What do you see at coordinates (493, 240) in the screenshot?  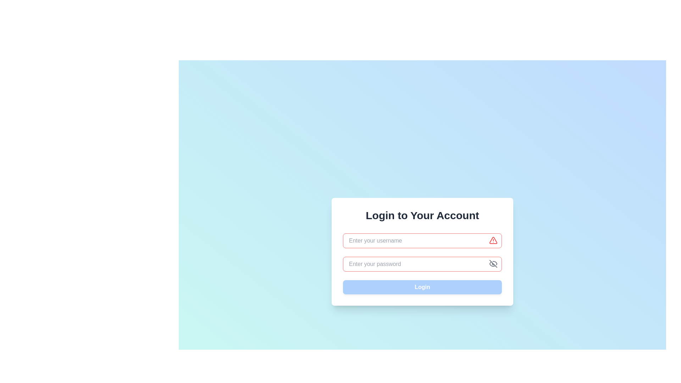 I see `the Warning Icon located immediately to the right of the username text input field in the login form, which visually indicates a warning or error` at bounding box center [493, 240].